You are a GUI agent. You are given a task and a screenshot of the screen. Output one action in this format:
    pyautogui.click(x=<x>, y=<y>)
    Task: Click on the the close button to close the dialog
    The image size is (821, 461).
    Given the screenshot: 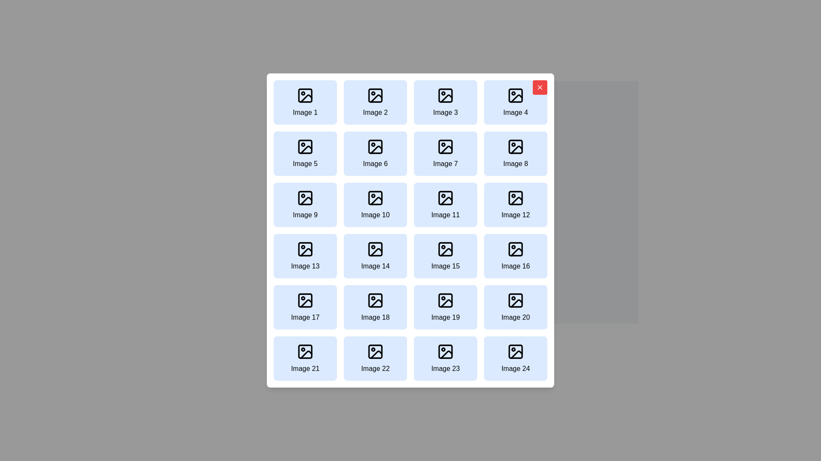 What is the action you would take?
    pyautogui.click(x=539, y=87)
    